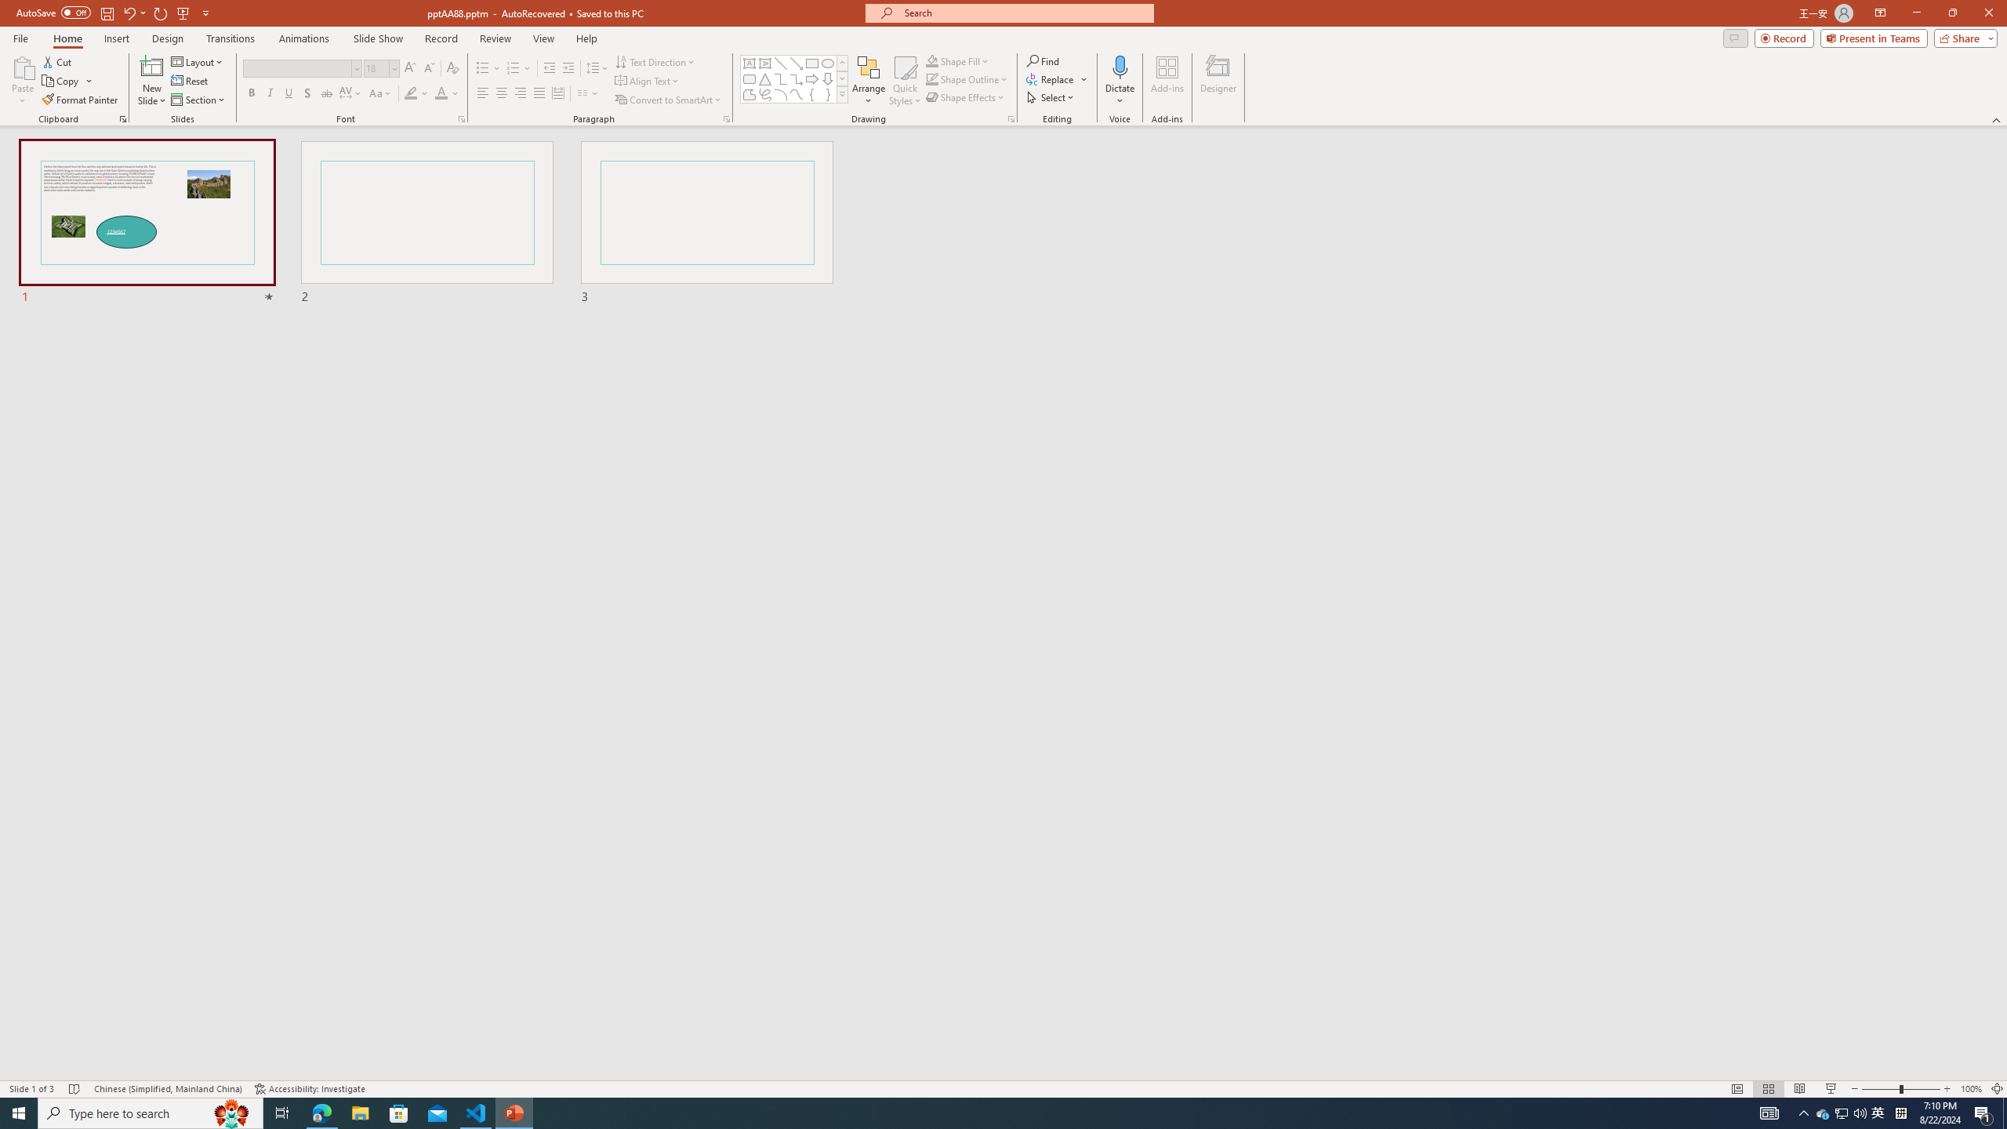 The height and width of the screenshot is (1129, 2007). What do you see at coordinates (1972, 1089) in the screenshot?
I see `'Zoom 100%'` at bounding box center [1972, 1089].